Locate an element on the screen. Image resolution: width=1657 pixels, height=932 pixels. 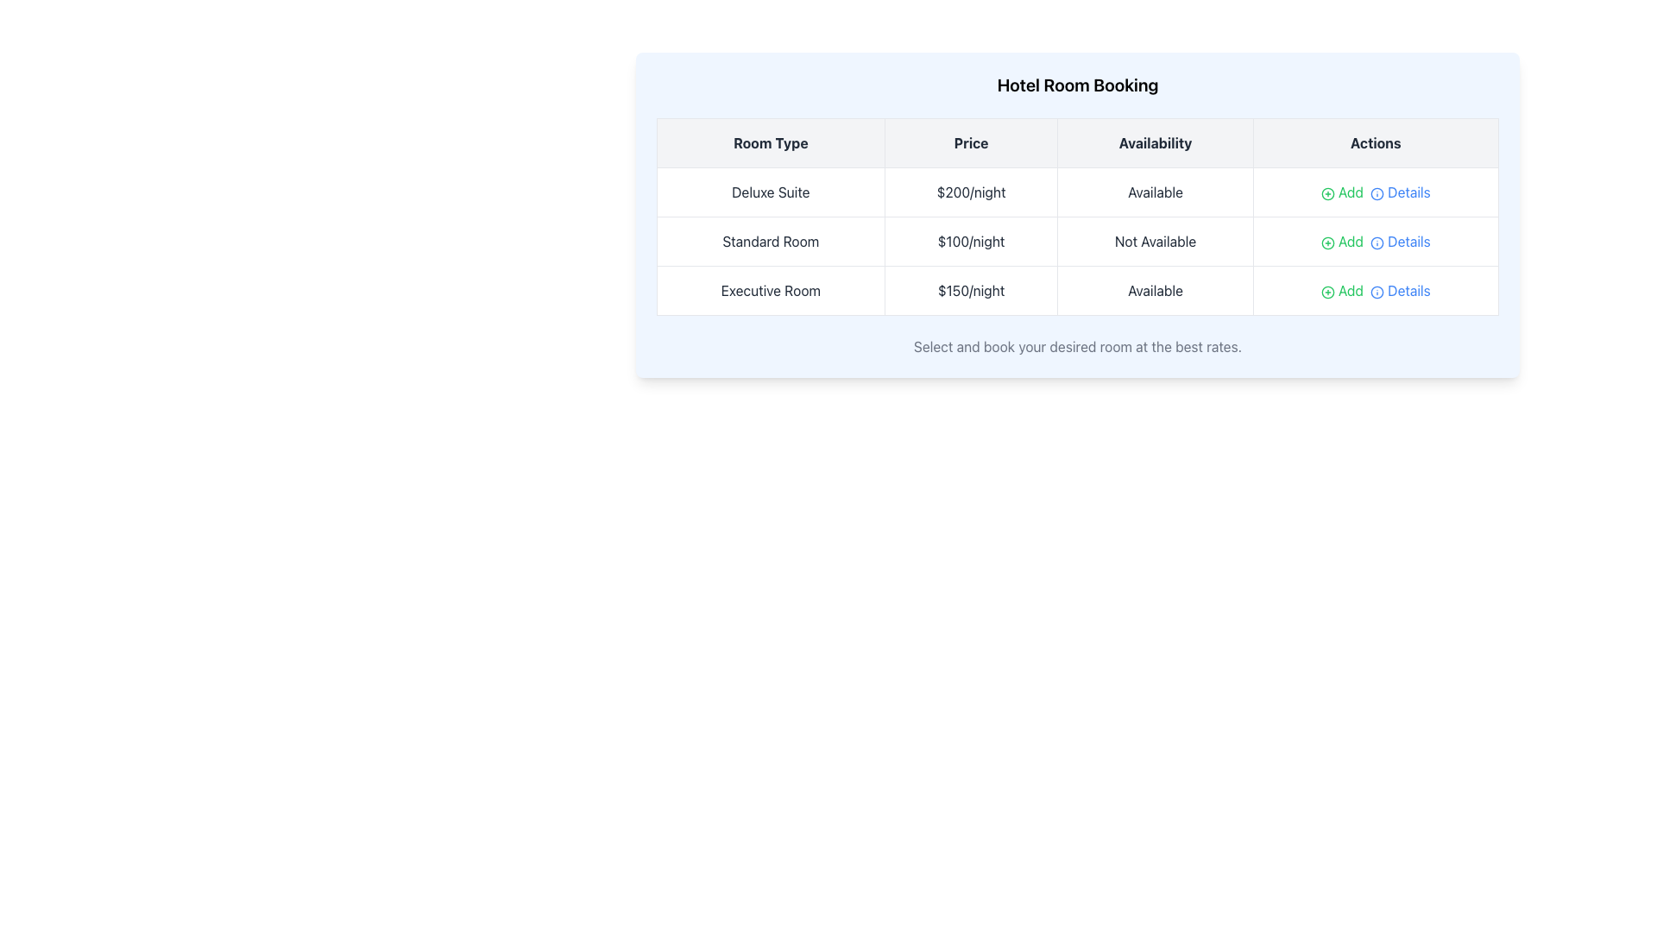
the table cell containing the room type name 'Deluxe Suite' is located at coordinates (770, 192).